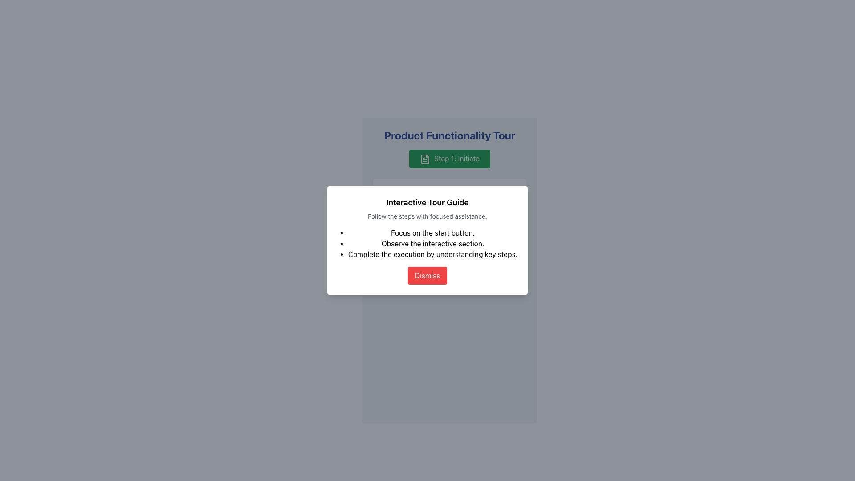  Describe the element at coordinates (449, 194) in the screenshot. I see `the Circle graphic within the SVG that is part of the play icon, located above the 'Interactive Tour Guide' heading in the modal window` at that location.